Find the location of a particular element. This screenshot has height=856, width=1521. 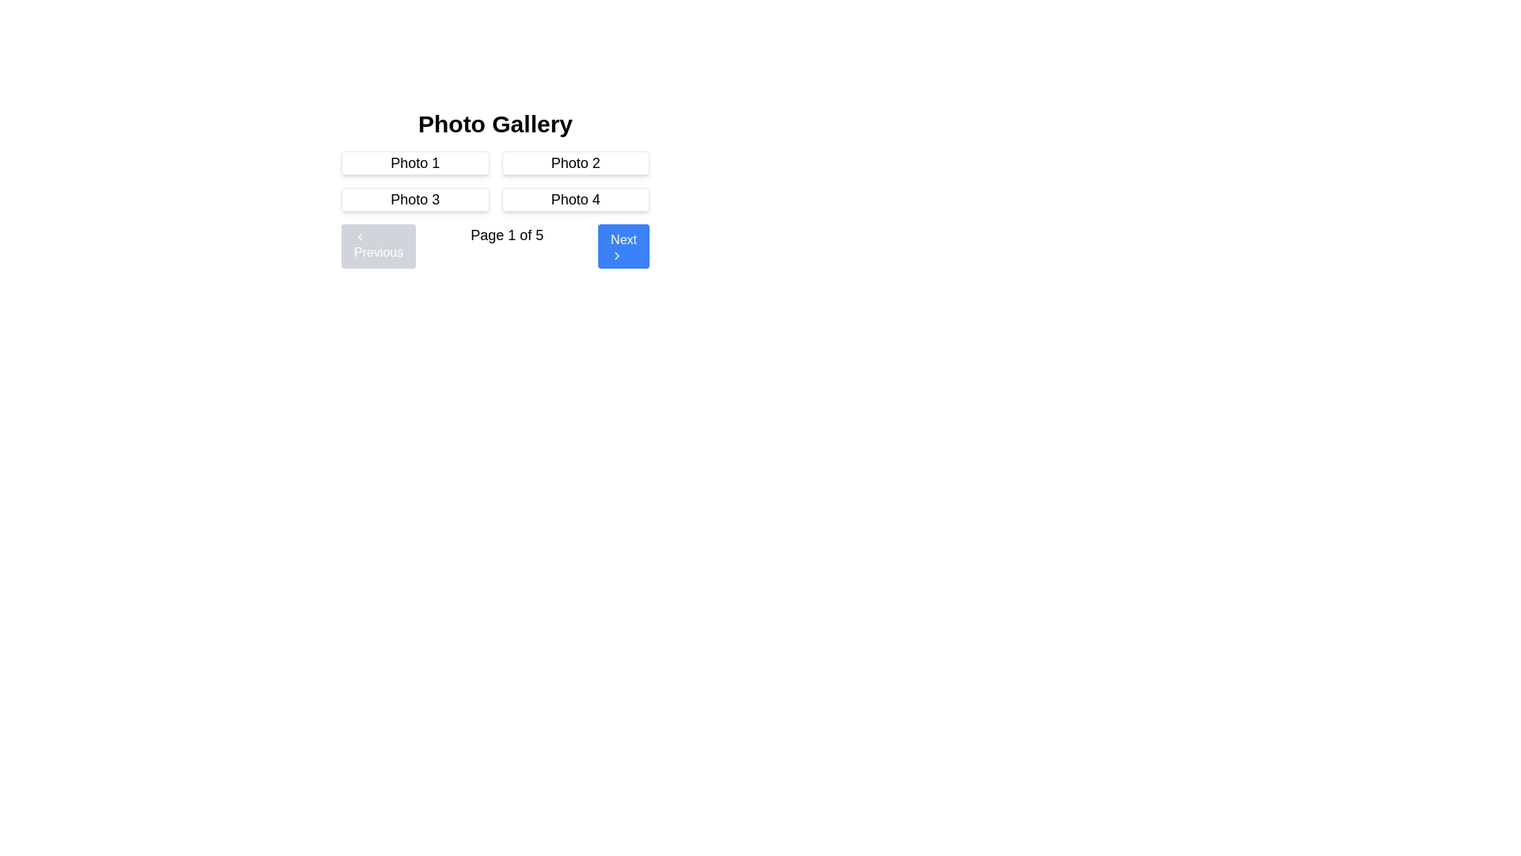

the blue rectangular 'Next' button with white text and a rightward arrow icon located in the bottom-right corner of the navigation bar is located at coordinates (623, 246).